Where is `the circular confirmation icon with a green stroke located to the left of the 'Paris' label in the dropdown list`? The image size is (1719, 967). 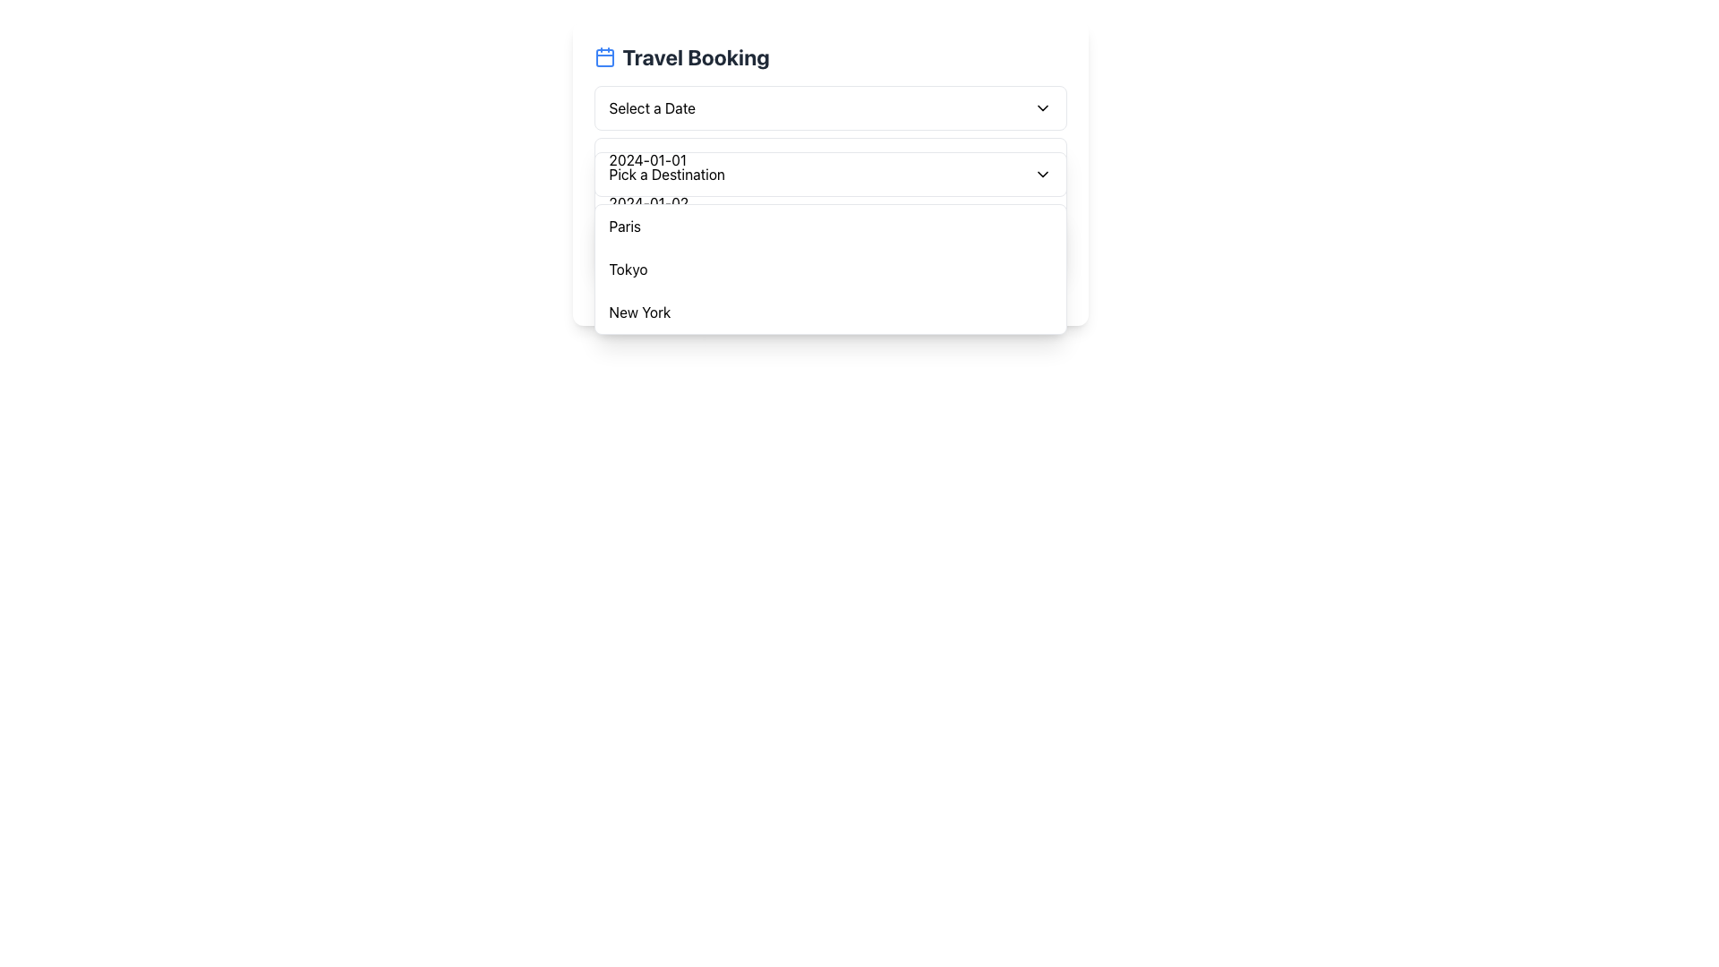 the circular confirmation icon with a green stroke located to the left of the 'Paris' label in the dropdown list is located at coordinates (604, 227).